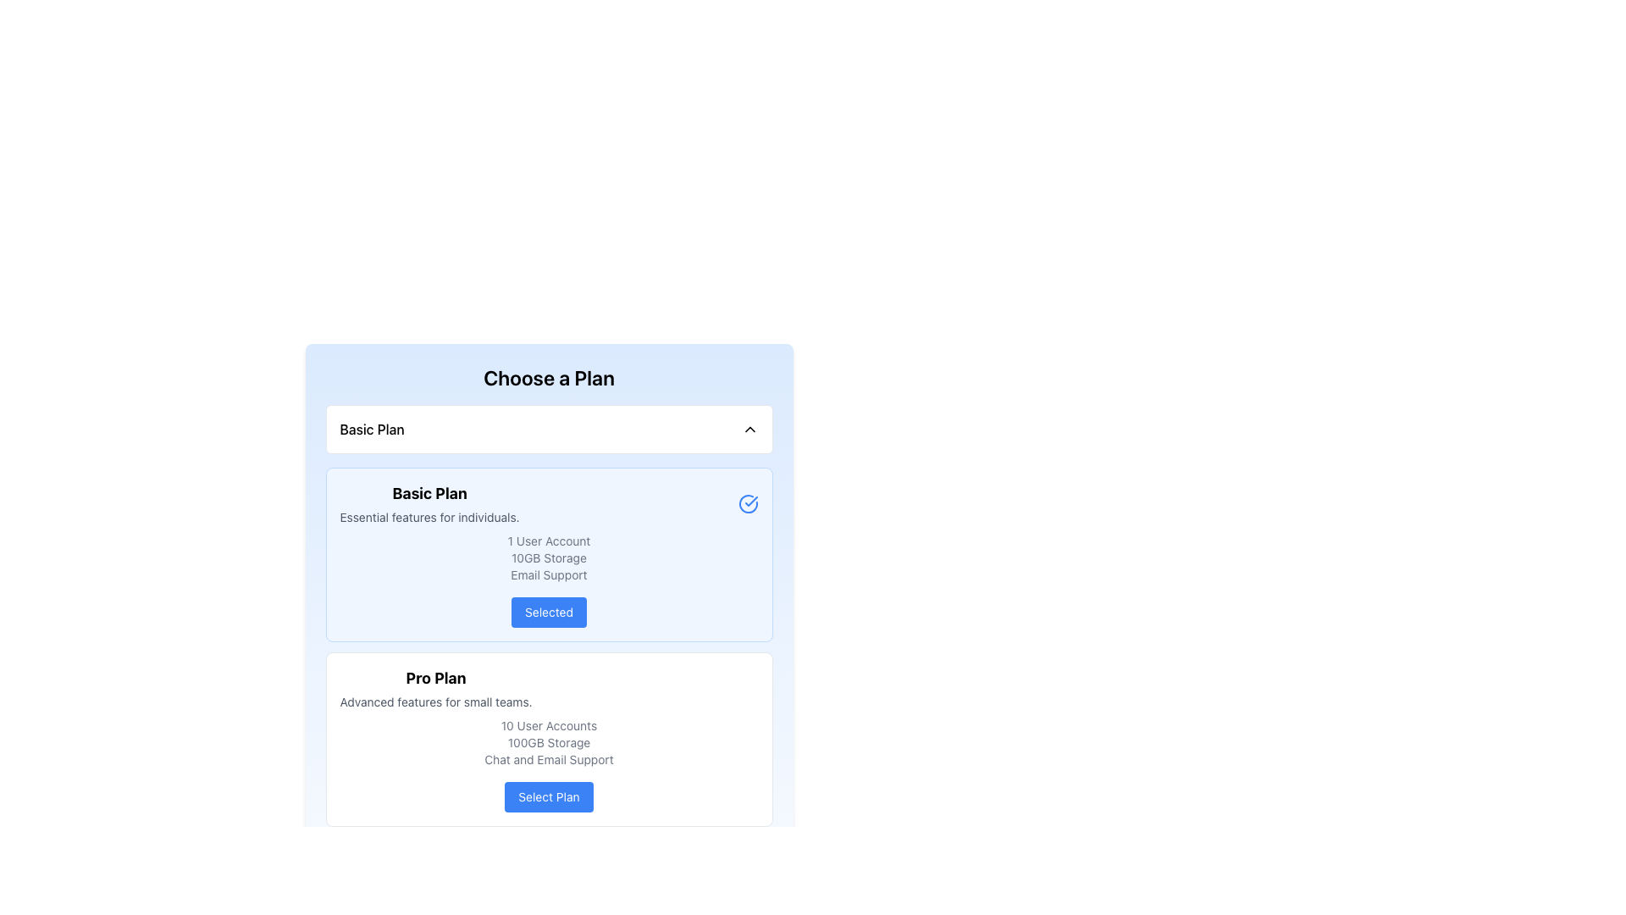  I want to click on the 'Pro Plan' text label which is bold and large-sized, styled in black, located at the top-left corner of the white card within the 'Choose a Plan' interface, so click(436, 678).